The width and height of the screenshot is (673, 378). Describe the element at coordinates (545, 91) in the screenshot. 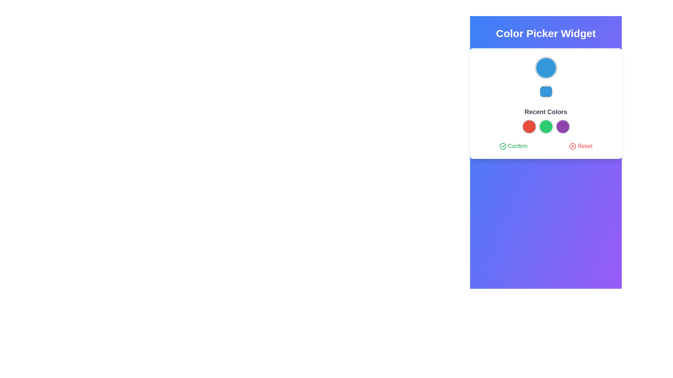

I see `the selectable color button that confirms the blue color, positioned below the larger blue circle in the 'Recent Colors' section` at that location.